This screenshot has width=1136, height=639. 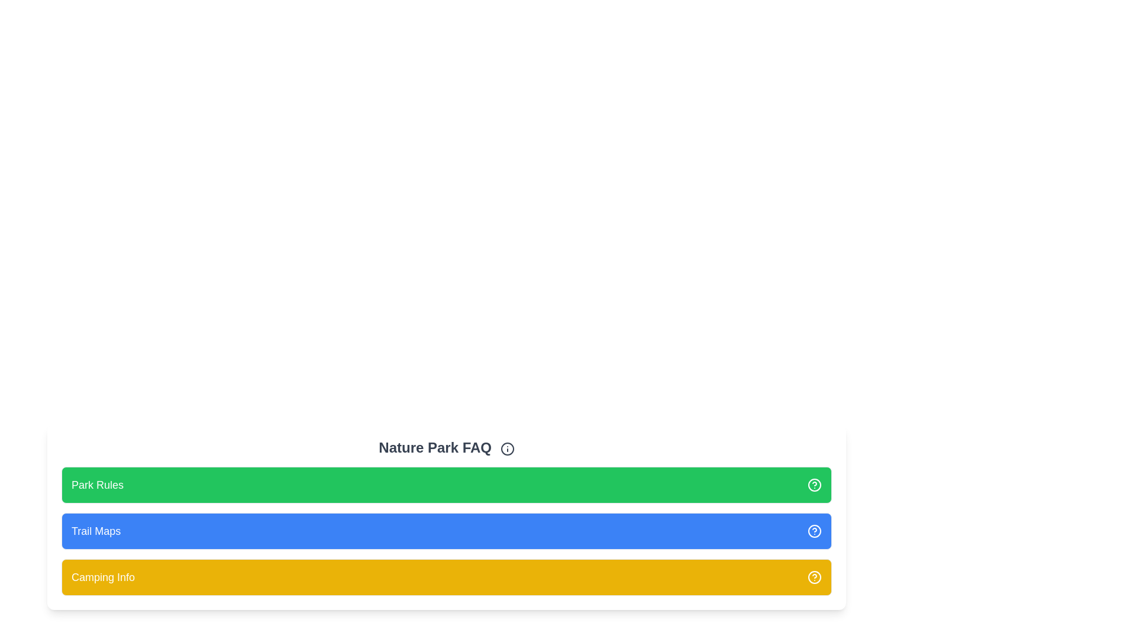 What do you see at coordinates (97, 485) in the screenshot?
I see `text label 'Park Rules' located in the green bar positioned below the 'Nature Park FAQ' header` at bounding box center [97, 485].